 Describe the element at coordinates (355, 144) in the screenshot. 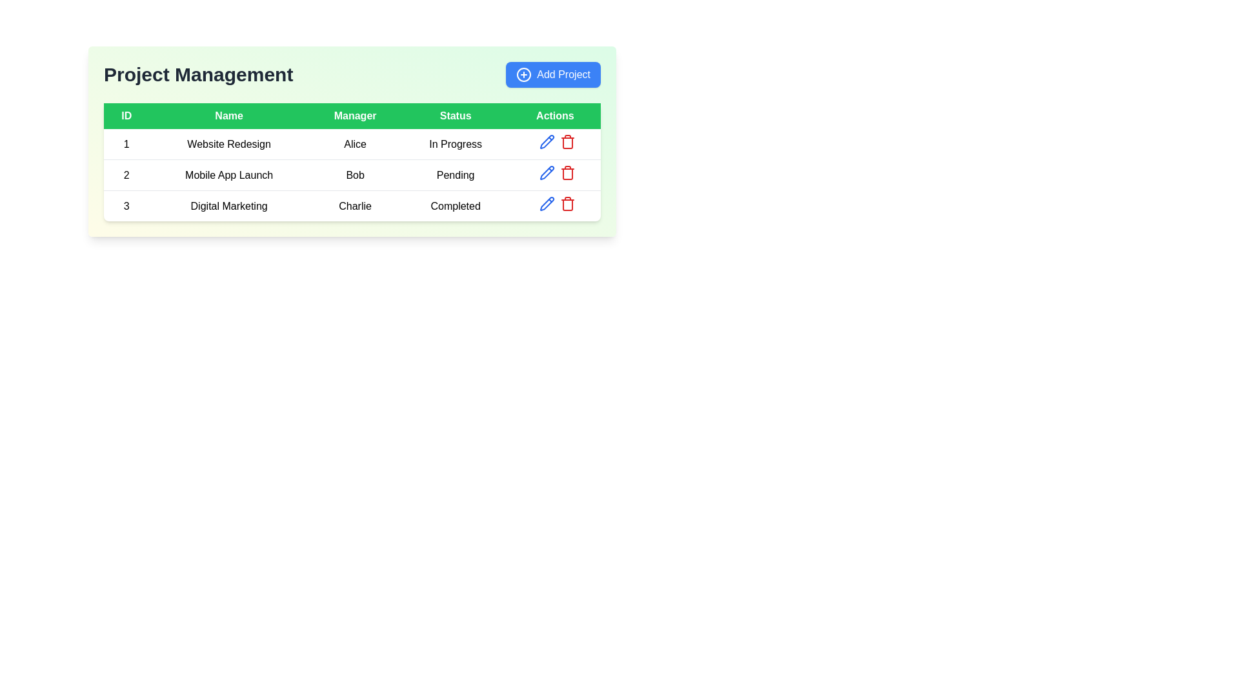

I see `the text label 'Alice'` at that location.